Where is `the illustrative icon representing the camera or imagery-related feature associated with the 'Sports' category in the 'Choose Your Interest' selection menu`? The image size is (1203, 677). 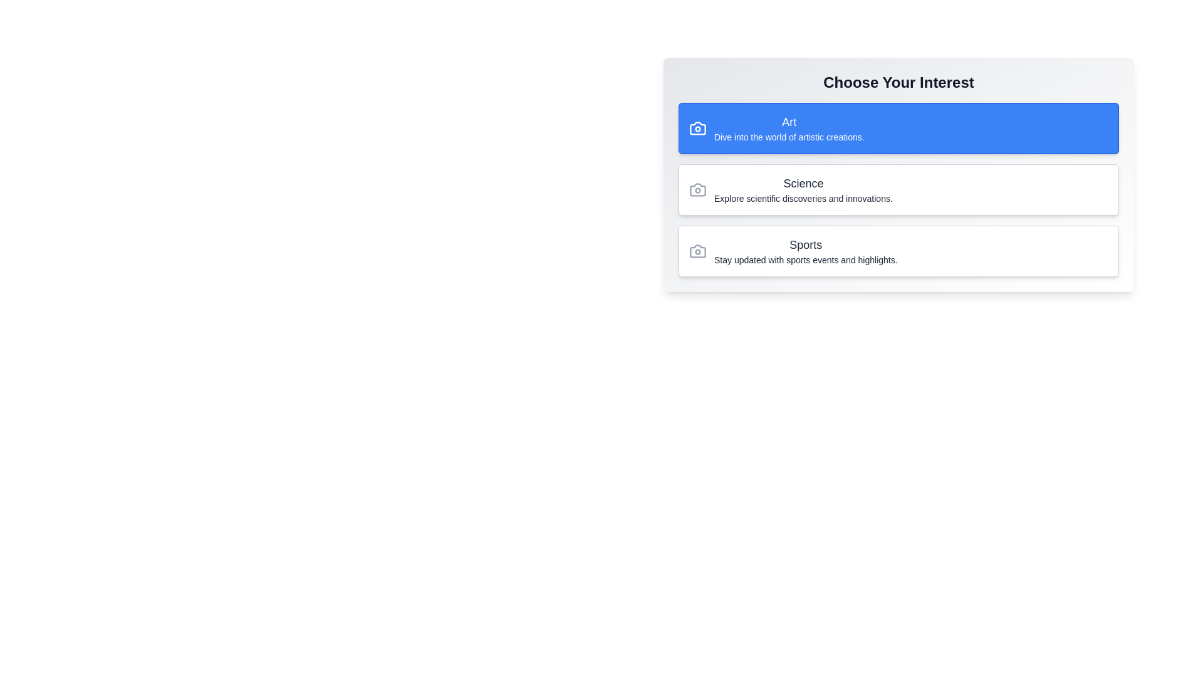 the illustrative icon representing the camera or imagery-related feature associated with the 'Sports' category in the 'Choose Your Interest' selection menu is located at coordinates (697, 251).